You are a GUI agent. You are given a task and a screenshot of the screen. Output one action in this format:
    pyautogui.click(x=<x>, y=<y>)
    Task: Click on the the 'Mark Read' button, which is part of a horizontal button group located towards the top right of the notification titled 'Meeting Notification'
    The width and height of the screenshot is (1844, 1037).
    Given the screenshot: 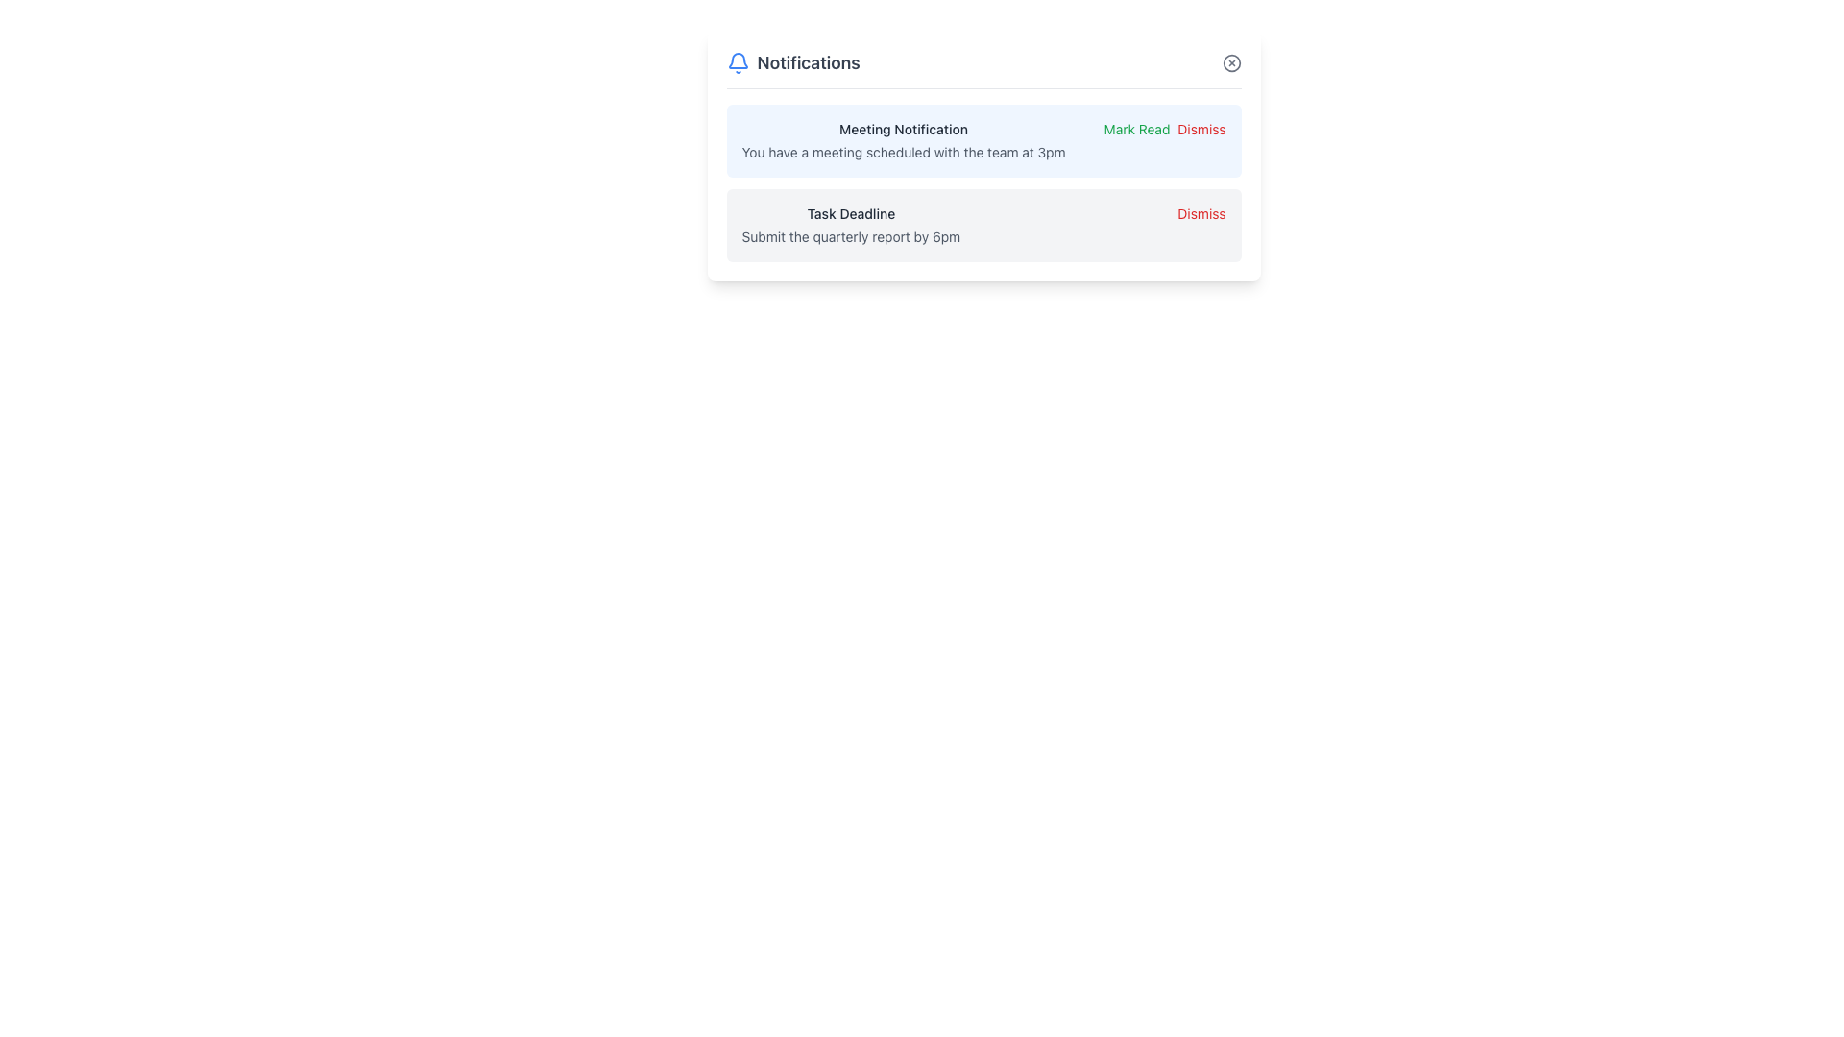 What is the action you would take?
    pyautogui.click(x=1164, y=130)
    